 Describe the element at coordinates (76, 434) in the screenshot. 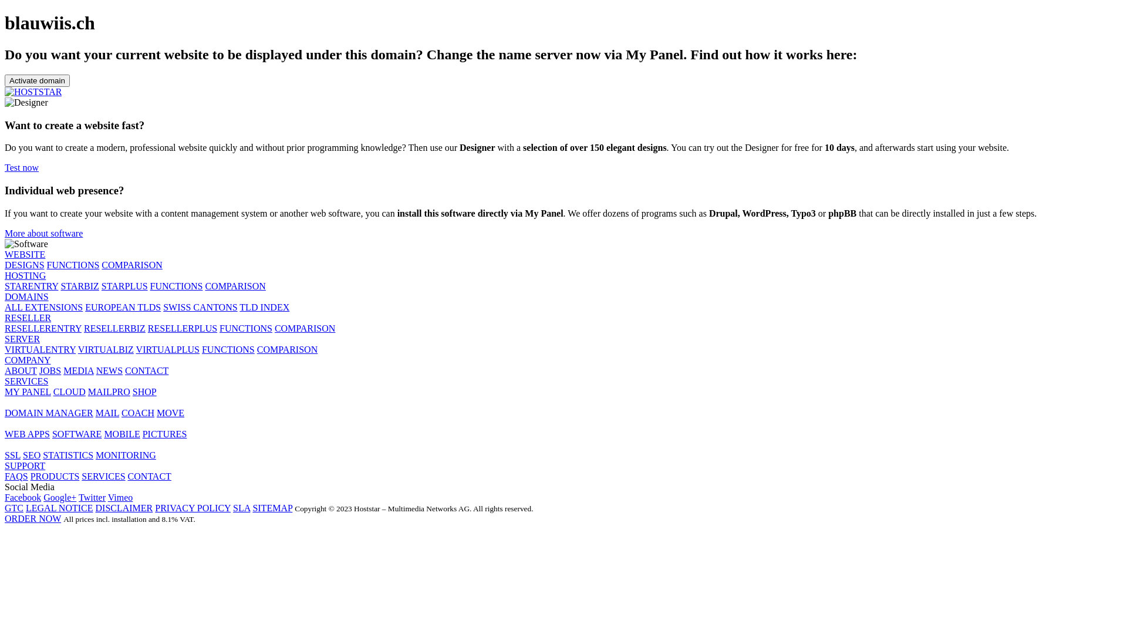

I see `'SOFTWARE'` at that location.